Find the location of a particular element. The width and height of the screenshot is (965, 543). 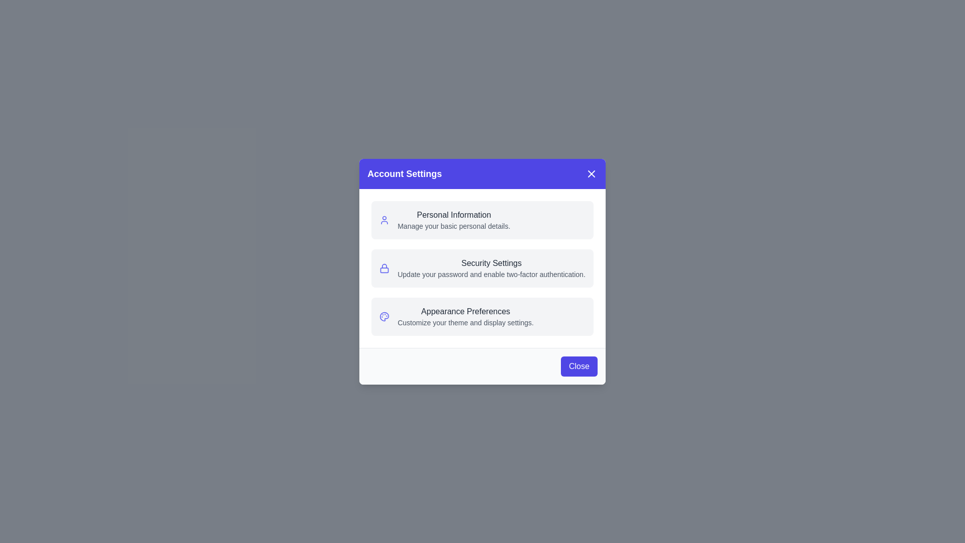

the 'Security Settings' text label, which is styled in a medium font weight and dark gray color, located in the dialog box titled 'Account Settings.' is located at coordinates (492, 262).